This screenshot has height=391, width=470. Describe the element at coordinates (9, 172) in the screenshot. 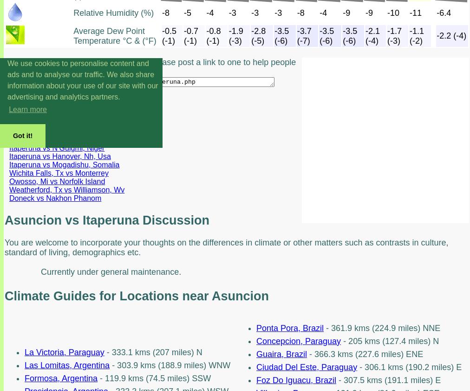

I see `'Wichita Falls, Tx   vs Monterrey'` at that location.